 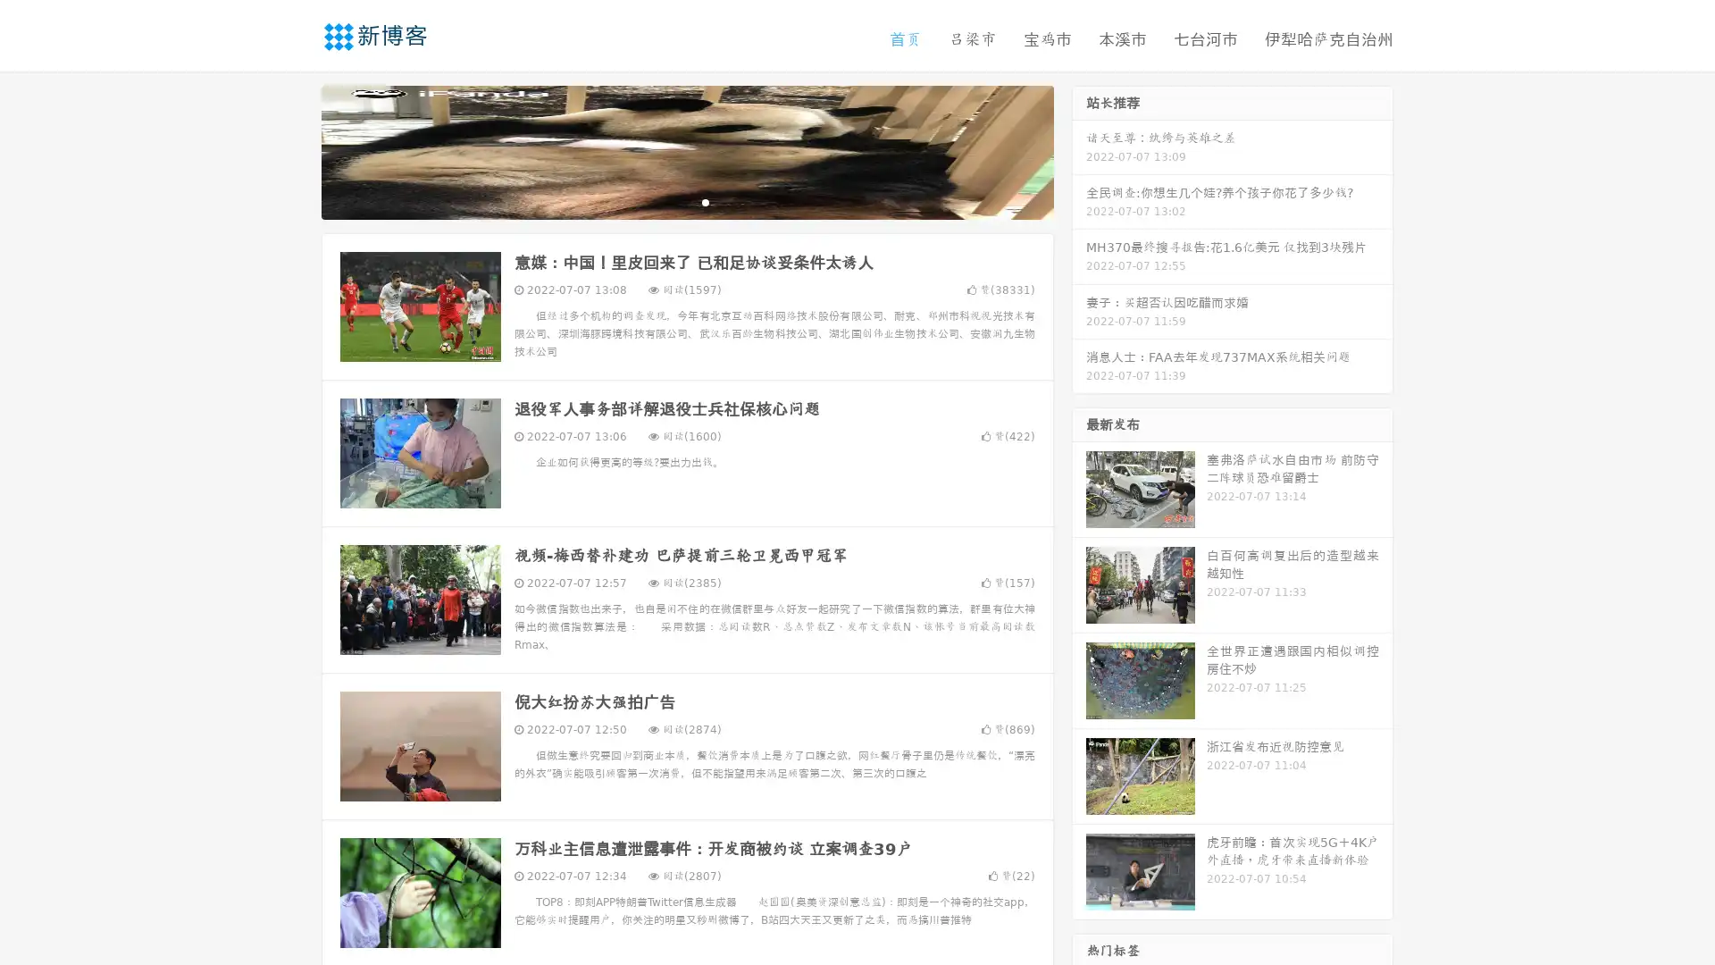 What do you see at coordinates (686, 201) in the screenshot?
I see `Go to slide 2` at bounding box center [686, 201].